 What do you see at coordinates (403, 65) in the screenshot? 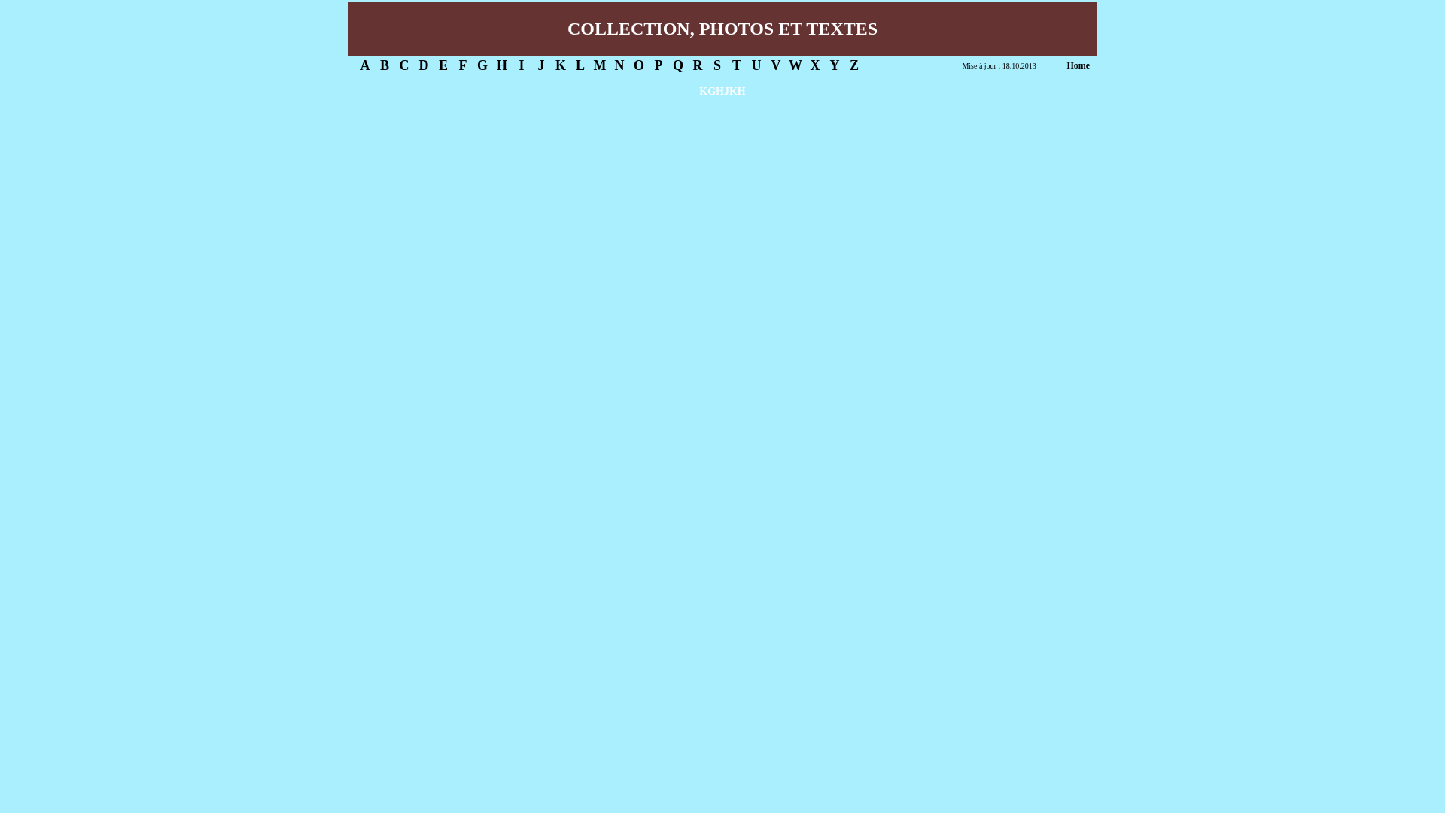
I see `'C'` at bounding box center [403, 65].